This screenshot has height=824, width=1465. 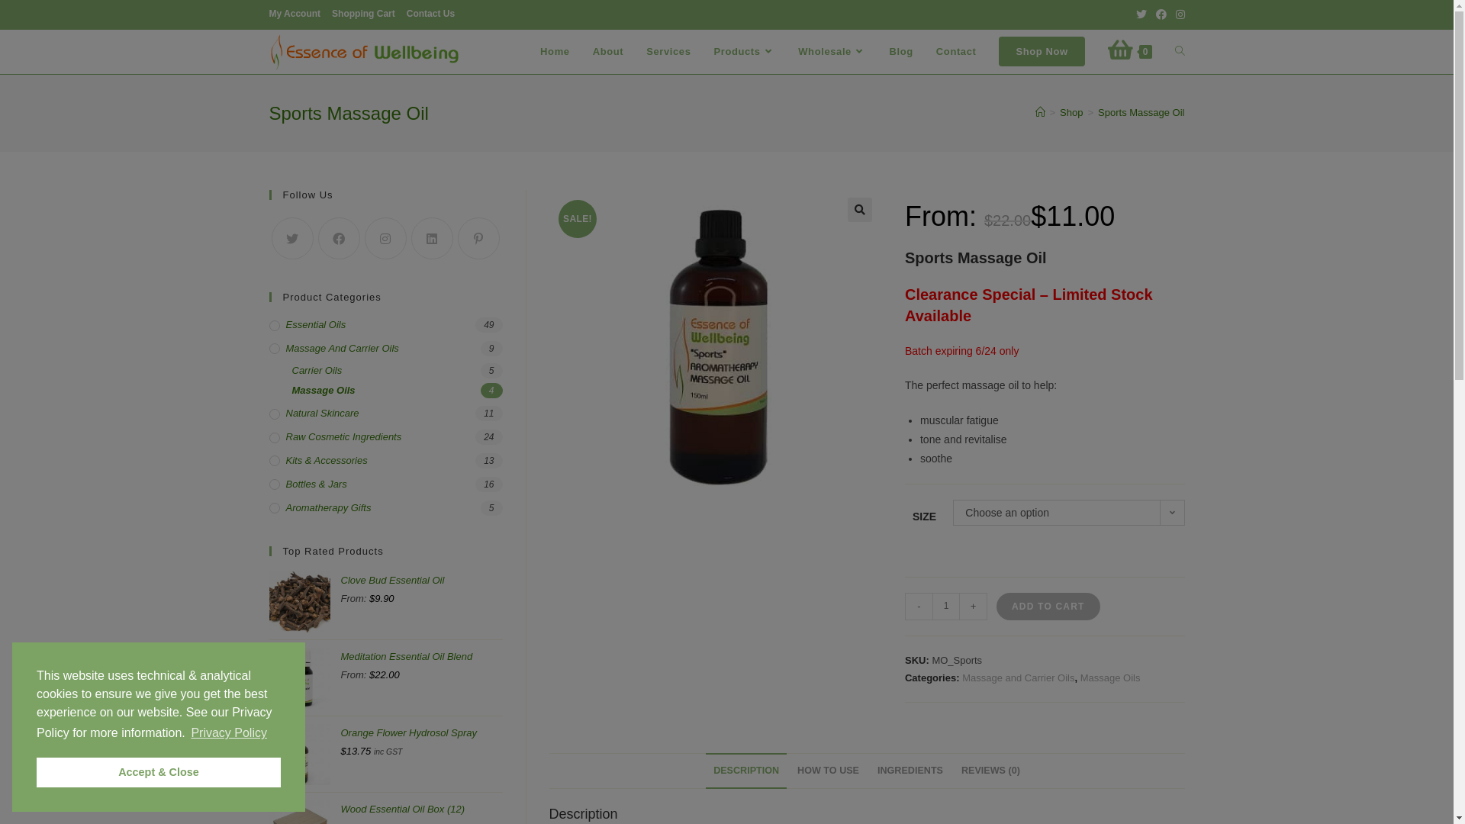 I want to click on 'HOW TO USE', so click(x=790, y=771).